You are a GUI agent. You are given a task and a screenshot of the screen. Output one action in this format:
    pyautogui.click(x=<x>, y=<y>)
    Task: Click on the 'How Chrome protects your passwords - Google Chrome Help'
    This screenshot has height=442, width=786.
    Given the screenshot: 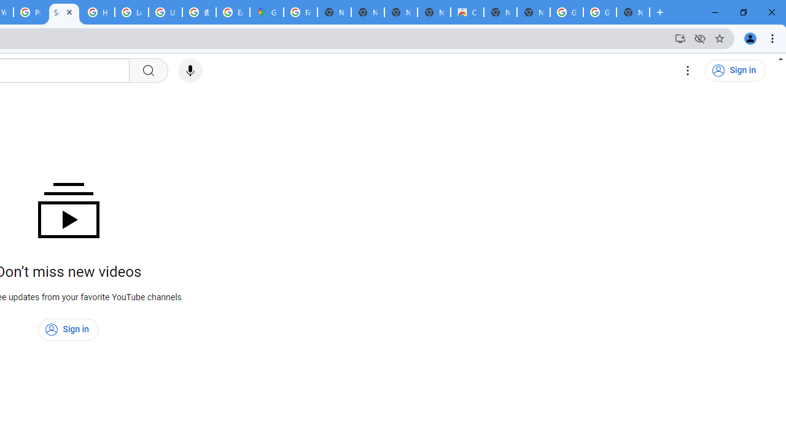 What is the action you would take?
    pyautogui.click(x=97, y=12)
    